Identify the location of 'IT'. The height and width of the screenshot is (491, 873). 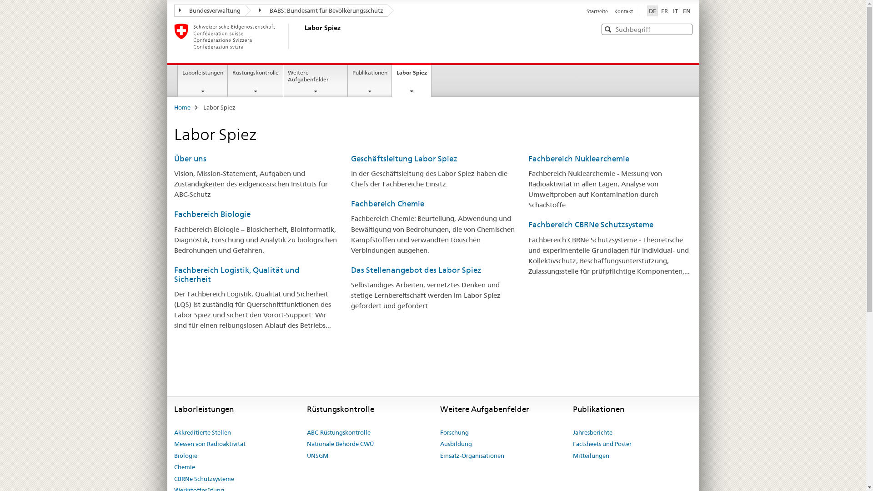
(671, 10).